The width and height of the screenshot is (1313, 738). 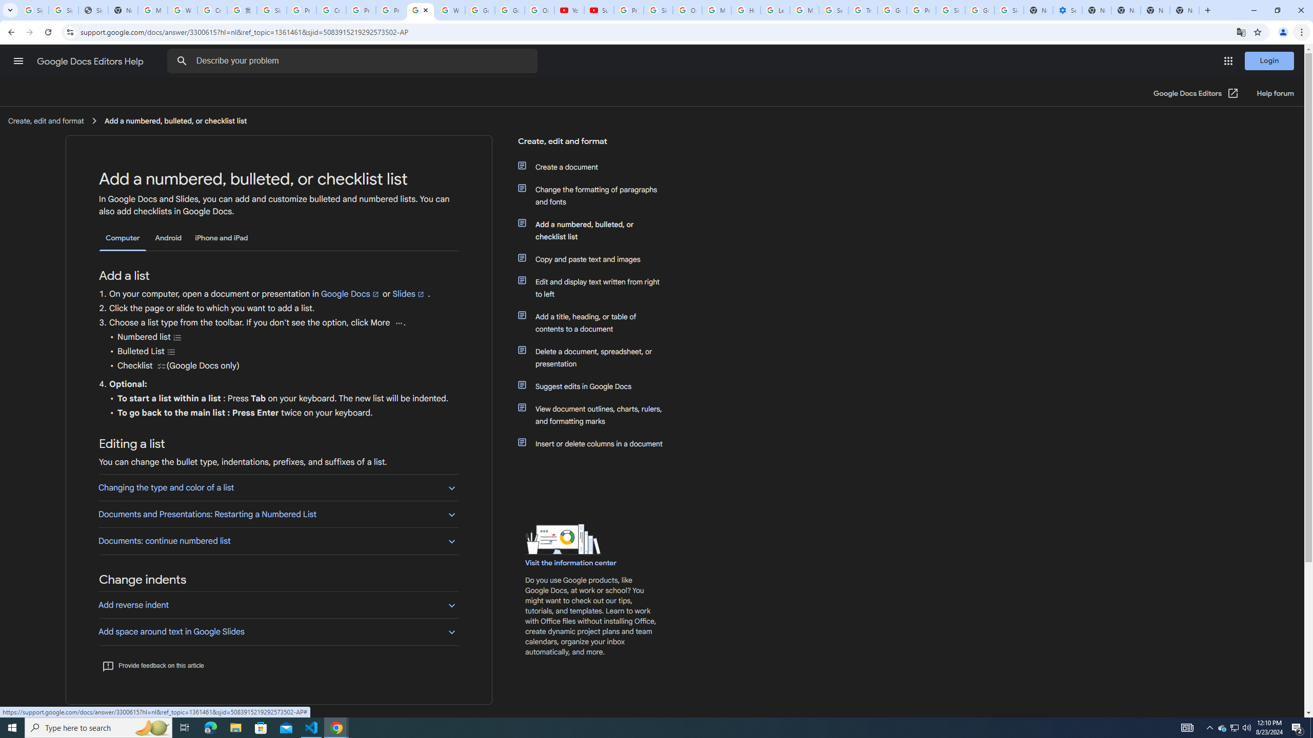 I want to click on 'Google Docs Editors (Opens in new window)', so click(x=1196, y=93).